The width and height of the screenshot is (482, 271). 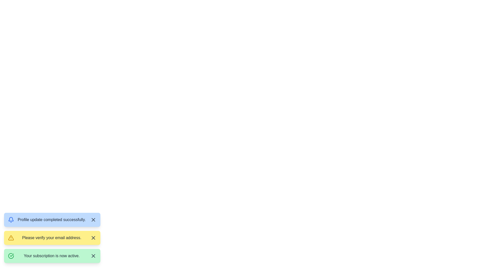 I want to click on the close button located at the far right end of the green notification box labeled 'Your subscription is now active.', so click(x=93, y=256).